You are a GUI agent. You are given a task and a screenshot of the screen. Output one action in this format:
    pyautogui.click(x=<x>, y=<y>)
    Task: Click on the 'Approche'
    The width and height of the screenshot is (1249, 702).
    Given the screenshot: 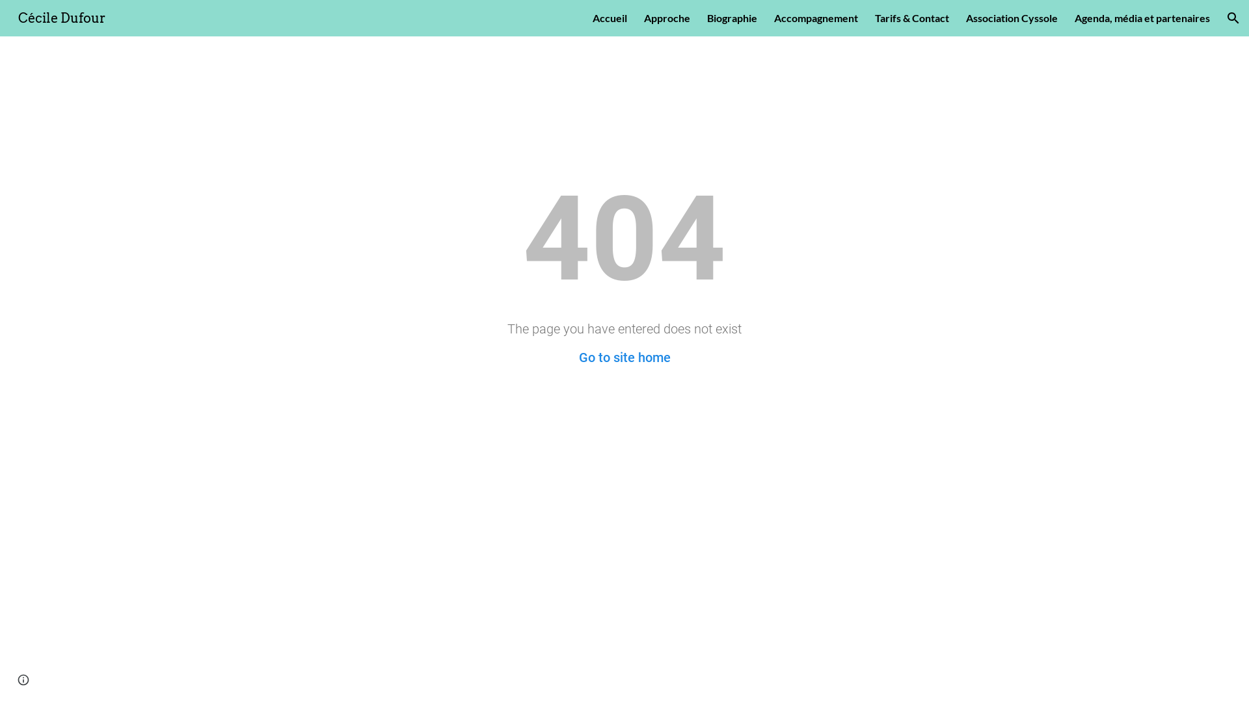 What is the action you would take?
    pyautogui.click(x=643, y=18)
    